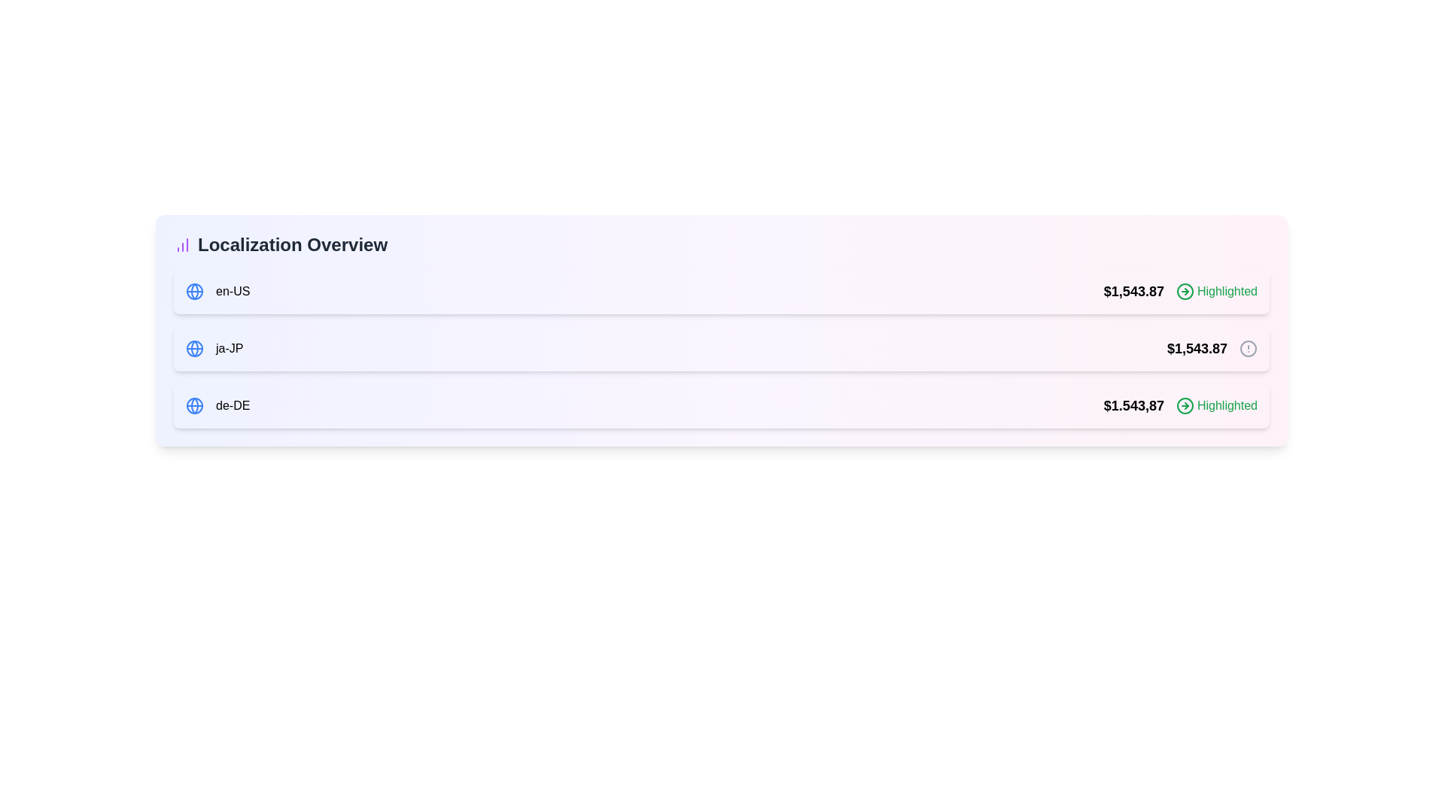 This screenshot has height=812, width=1445. What do you see at coordinates (1133, 292) in the screenshot?
I see `the text label displaying the value '$1,543.87' which is styled with a light background and located to the left of the word 'Highlighted'` at bounding box center [1133, 292].